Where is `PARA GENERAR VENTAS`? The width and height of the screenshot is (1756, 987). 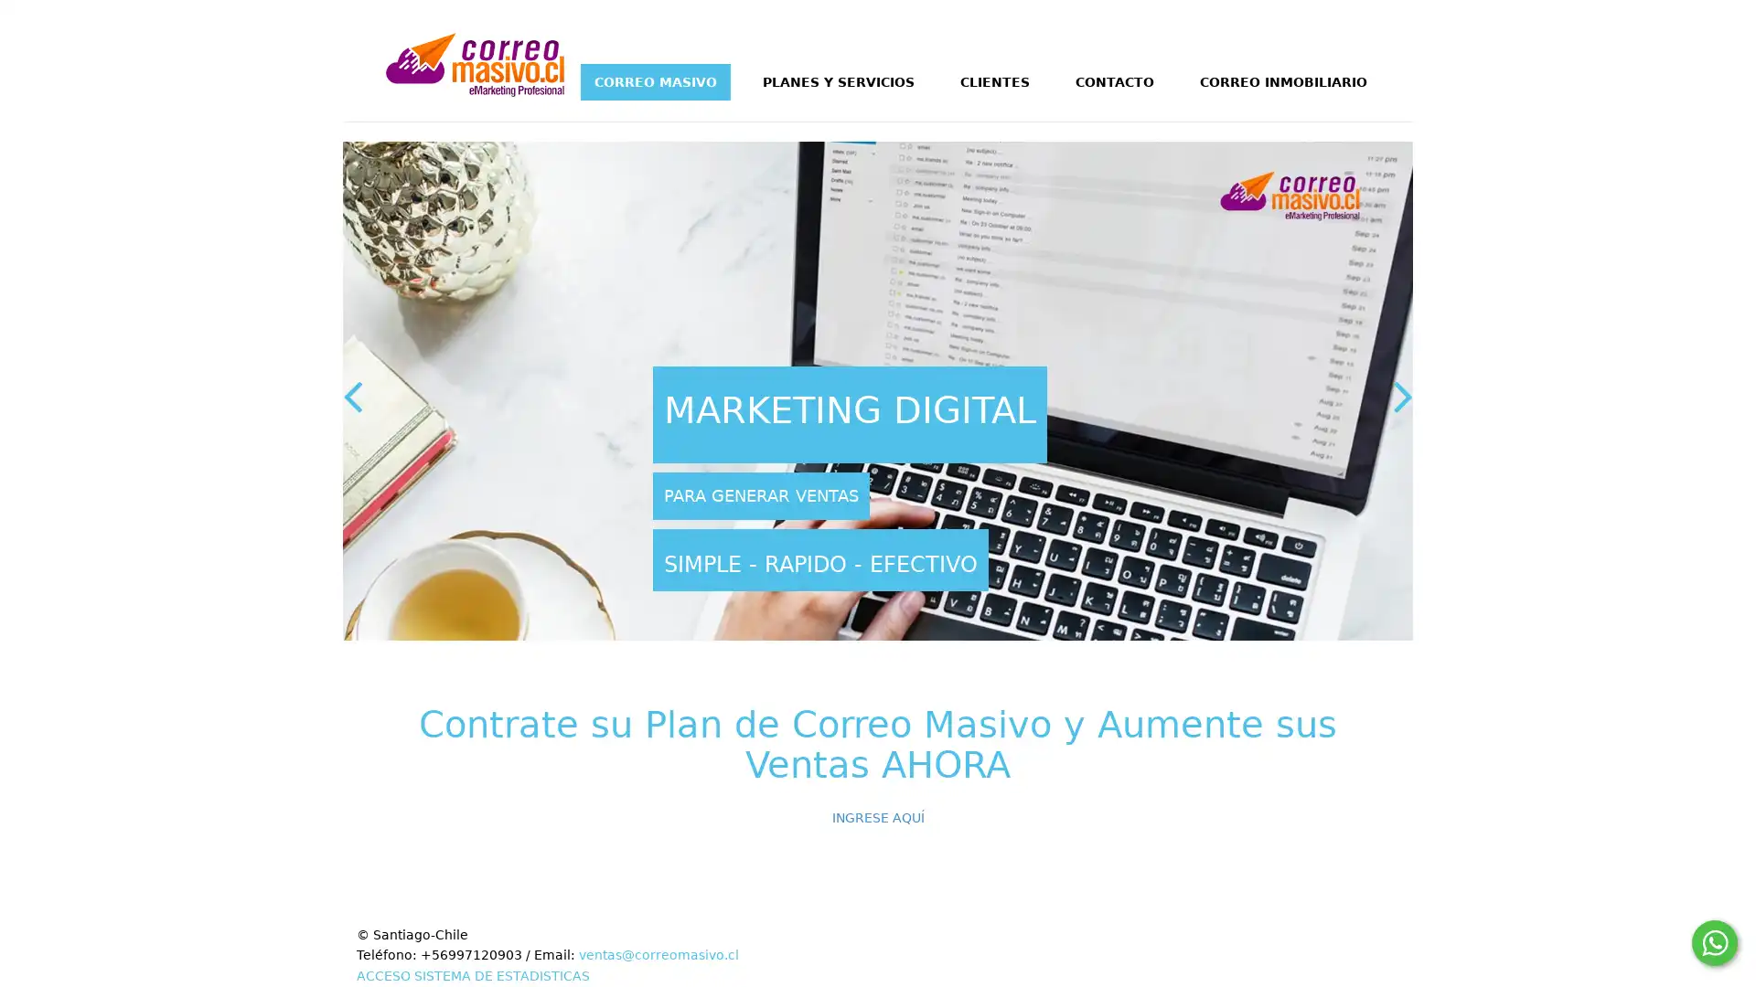
PARA GENERAR VENTAS is located at coordinates (761, 495).